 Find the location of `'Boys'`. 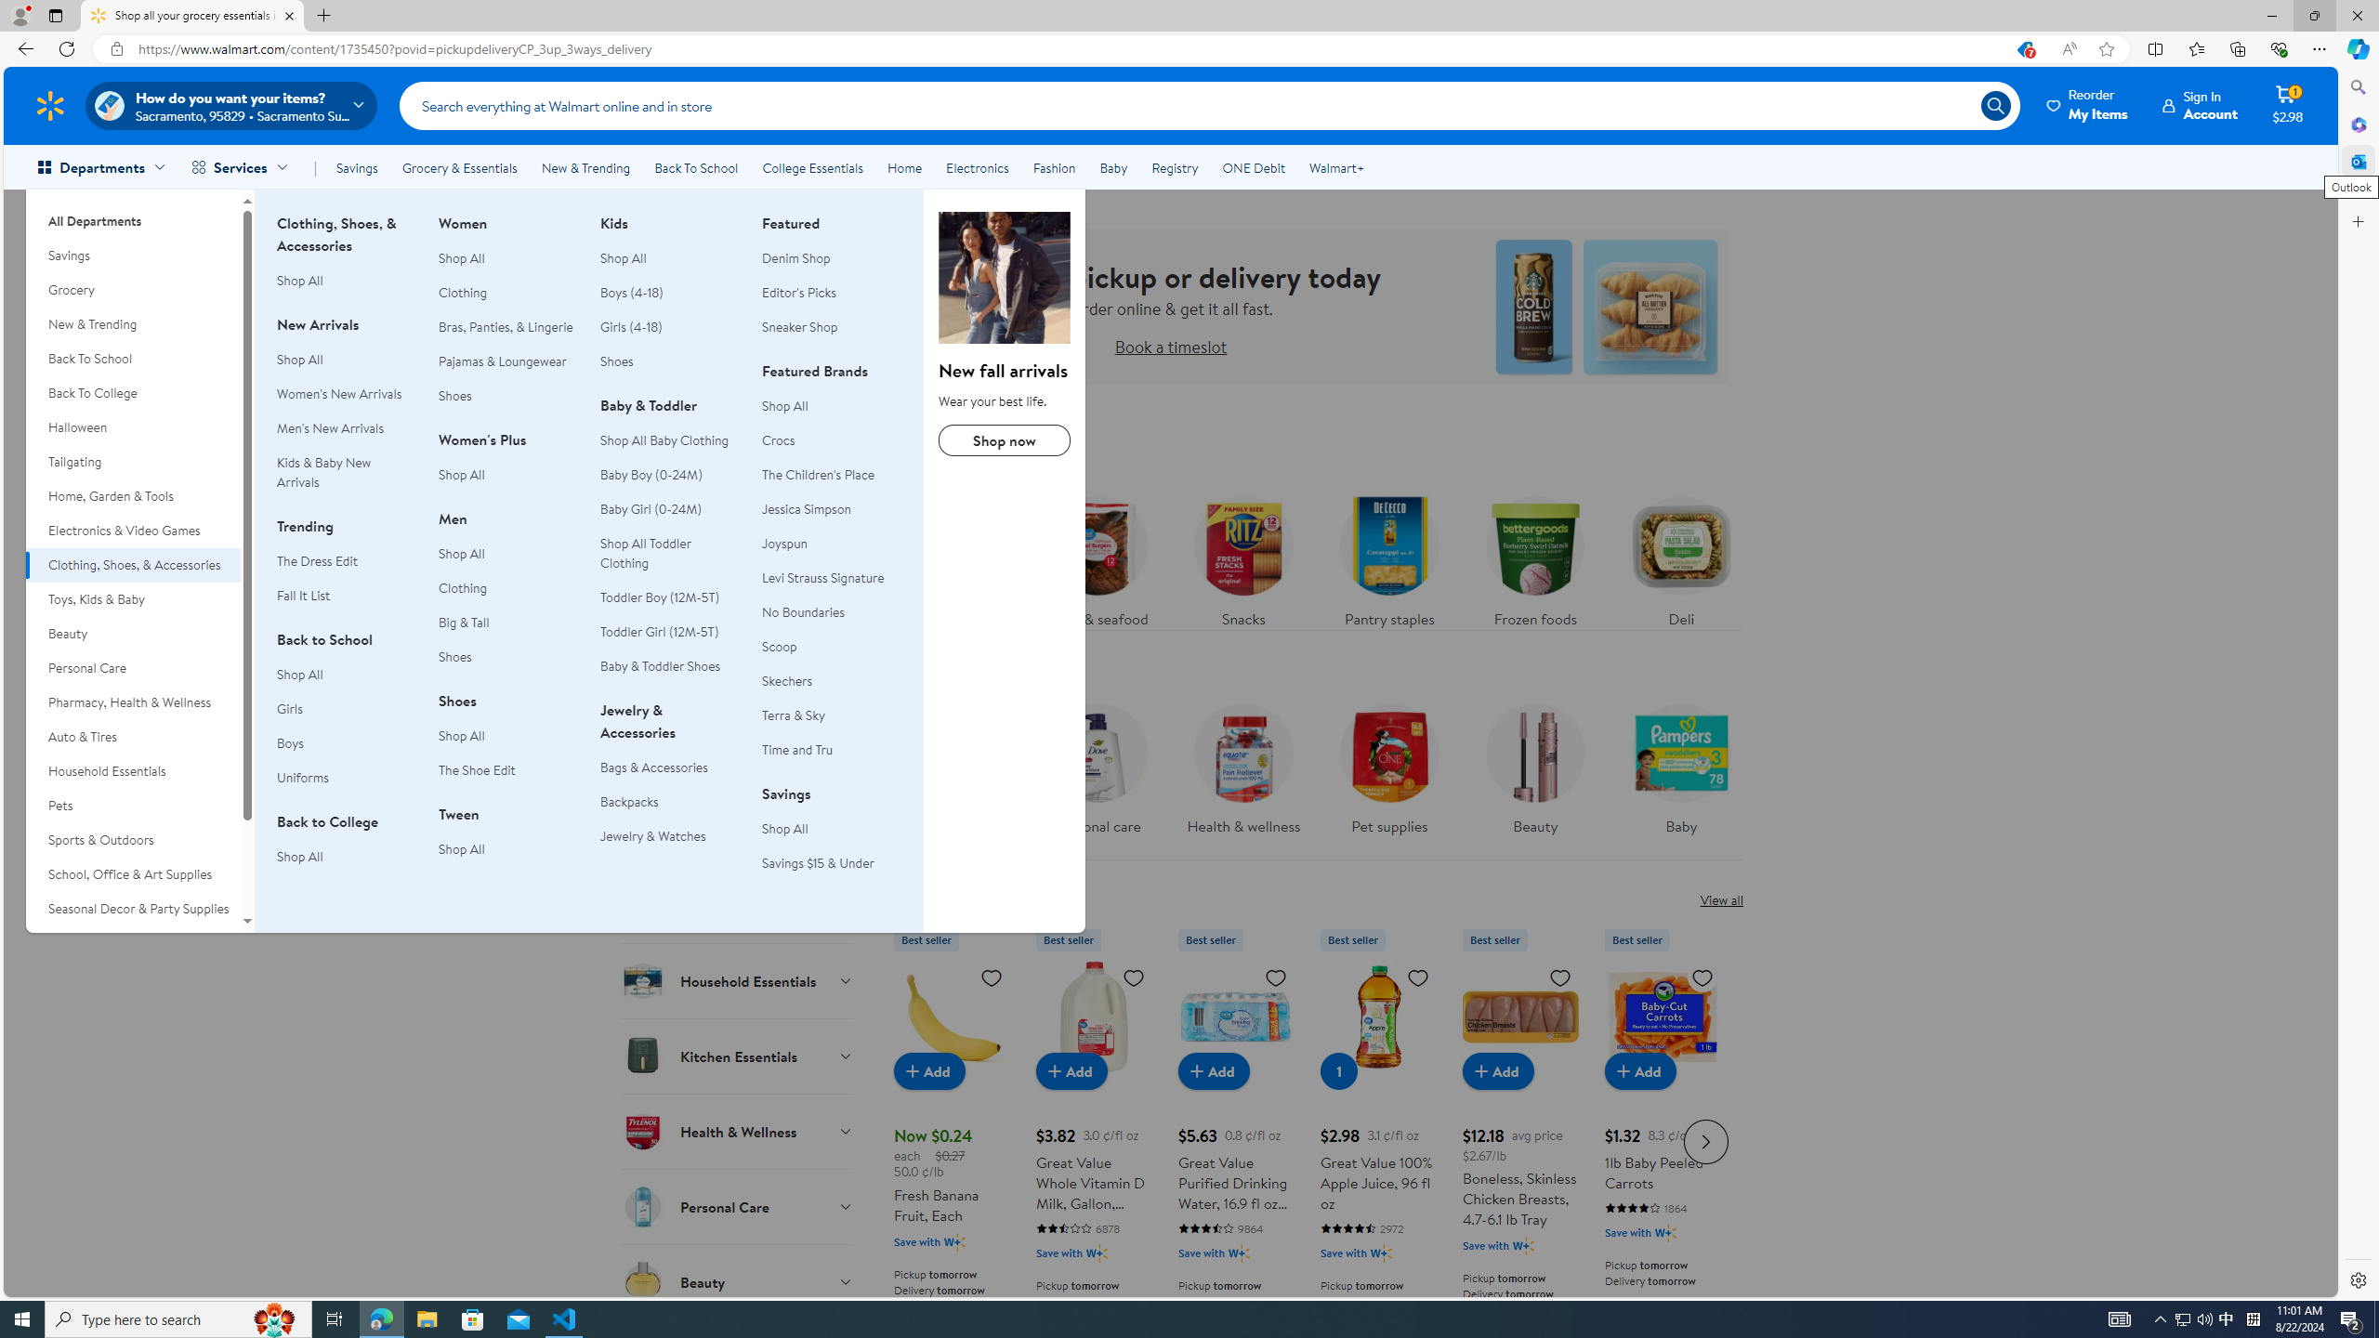

'Boys' is located at coordinates (289, 741).